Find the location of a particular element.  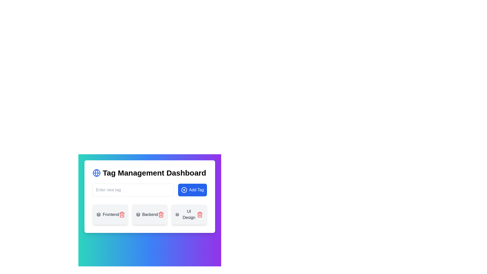

the 'UI Design' tag label with icon, which is the third item in the horizontal row of tags in the Tag Management Dashboard is located at coordinates (186, 214).